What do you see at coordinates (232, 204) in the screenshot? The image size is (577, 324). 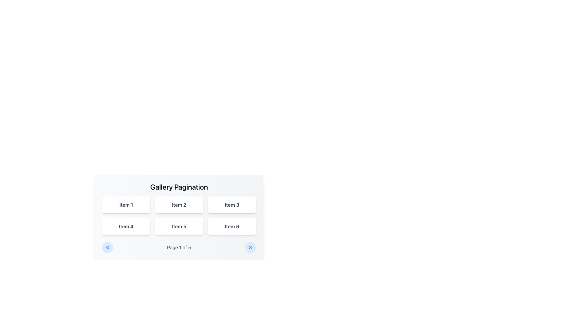 I see `the display box labeled 'Item 3'` at bounding box center [232, 204].